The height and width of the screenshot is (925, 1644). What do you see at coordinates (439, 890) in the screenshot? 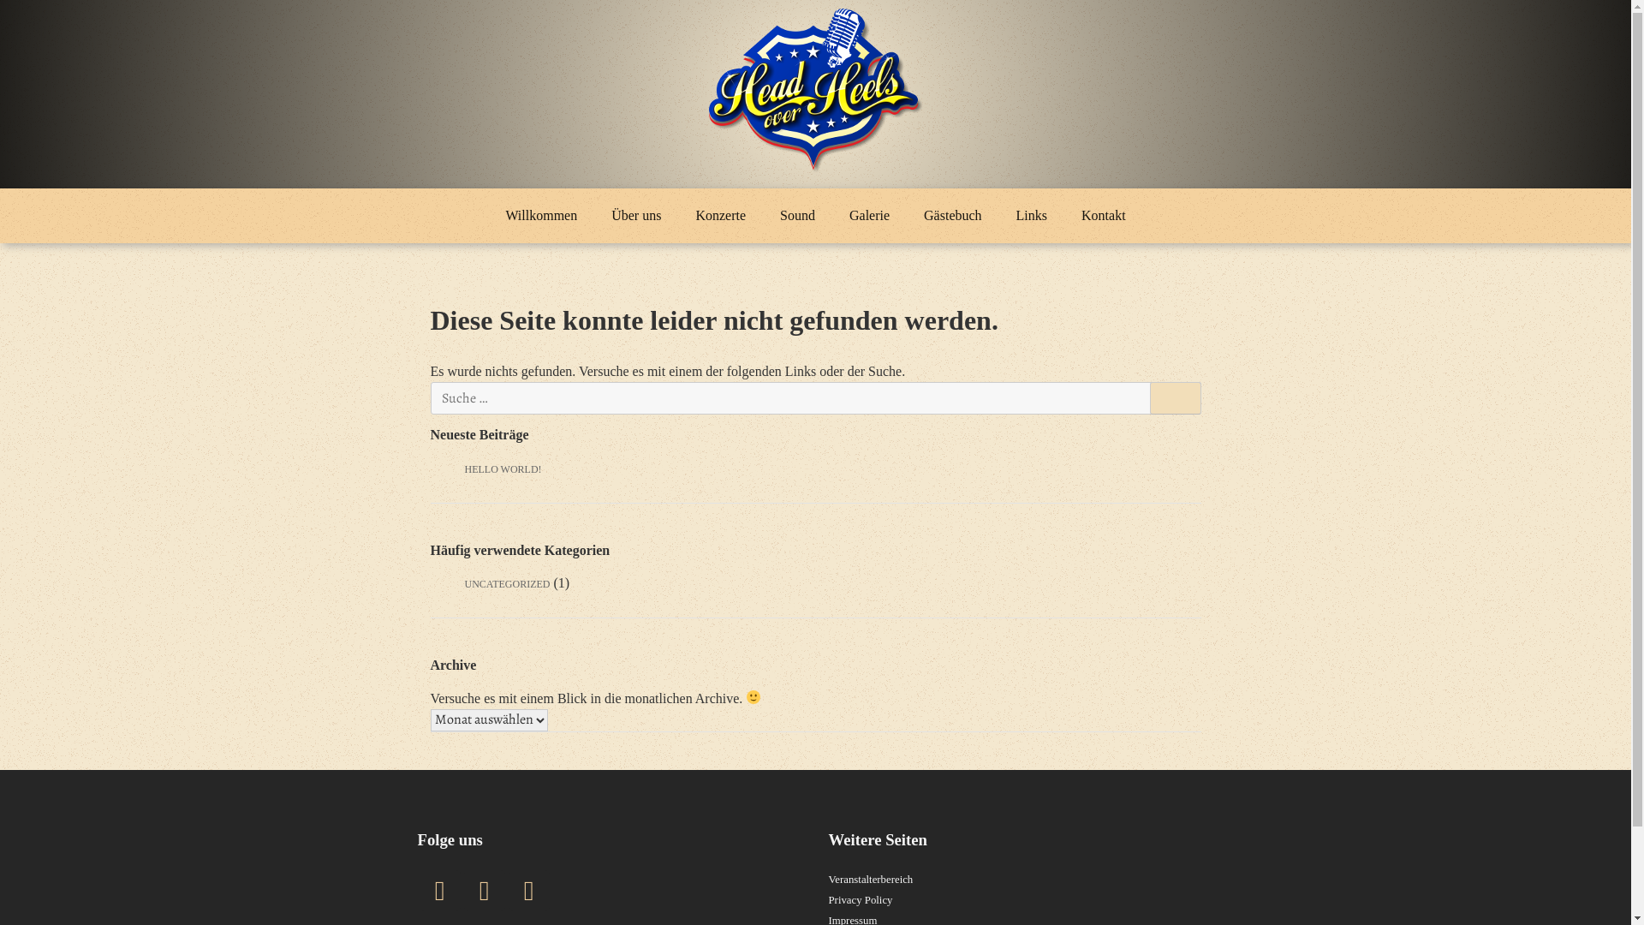
I see `'facebook'` at bounding box center [439, 890].